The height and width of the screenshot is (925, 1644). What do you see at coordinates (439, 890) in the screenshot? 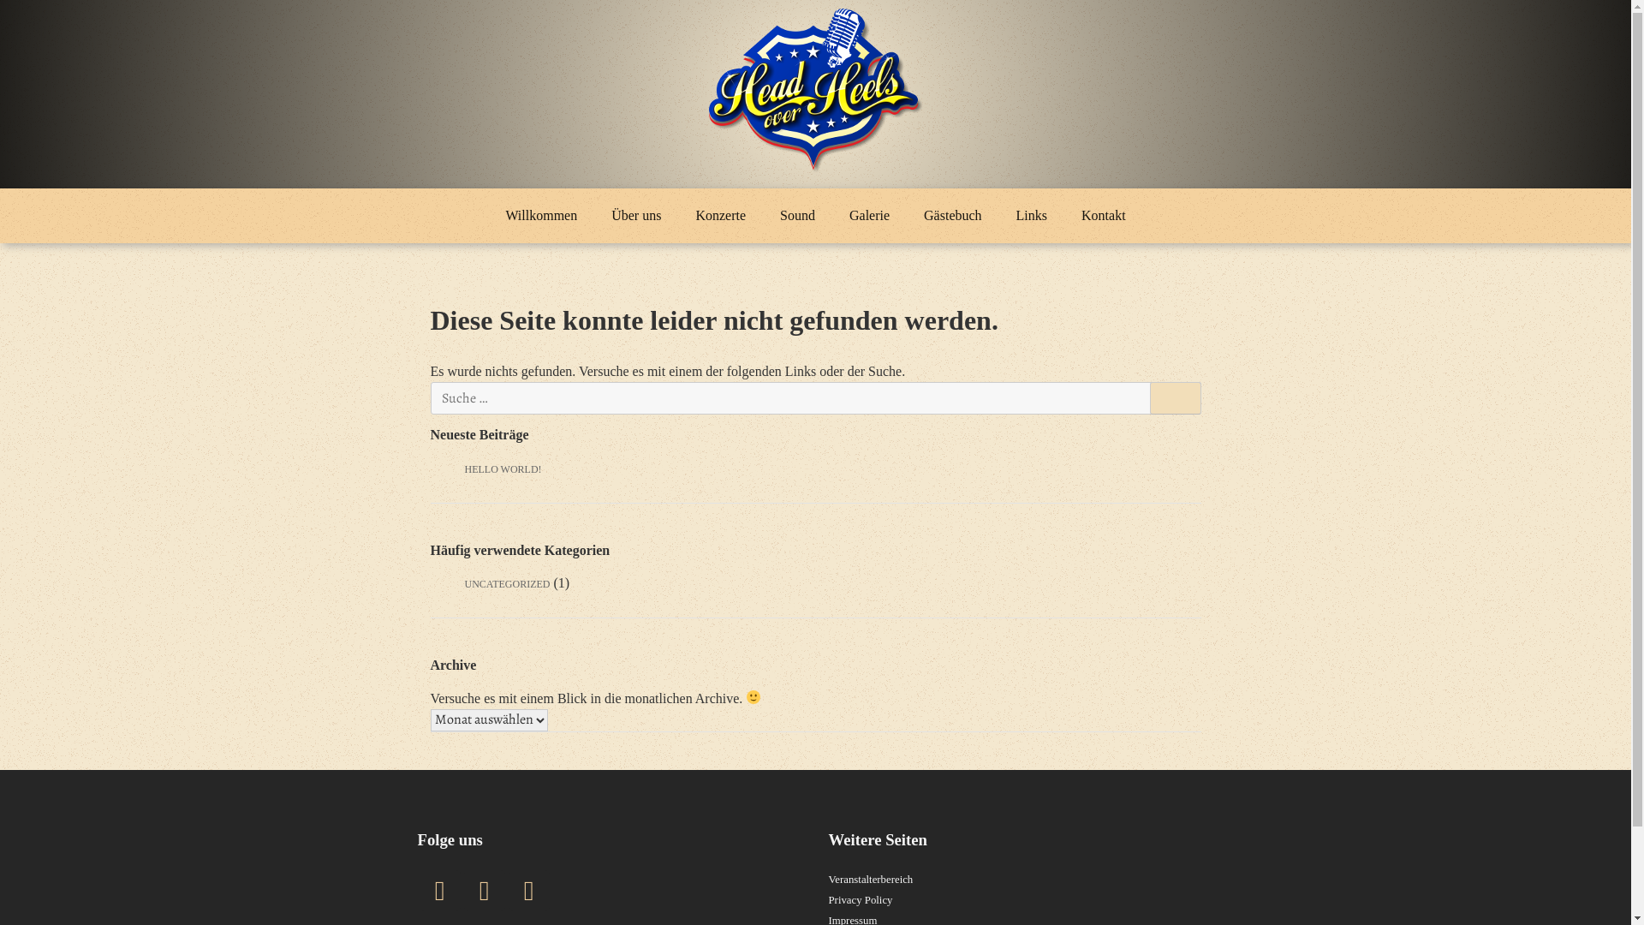
I see `'facebook'` at bounding box center [439, 890].